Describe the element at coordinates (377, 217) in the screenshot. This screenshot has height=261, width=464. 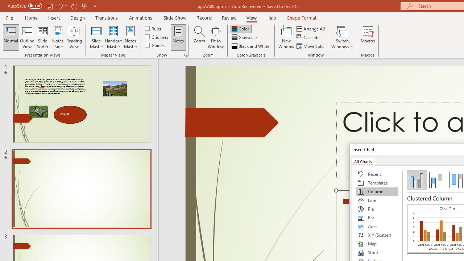
I see `'Bar'` at that location.